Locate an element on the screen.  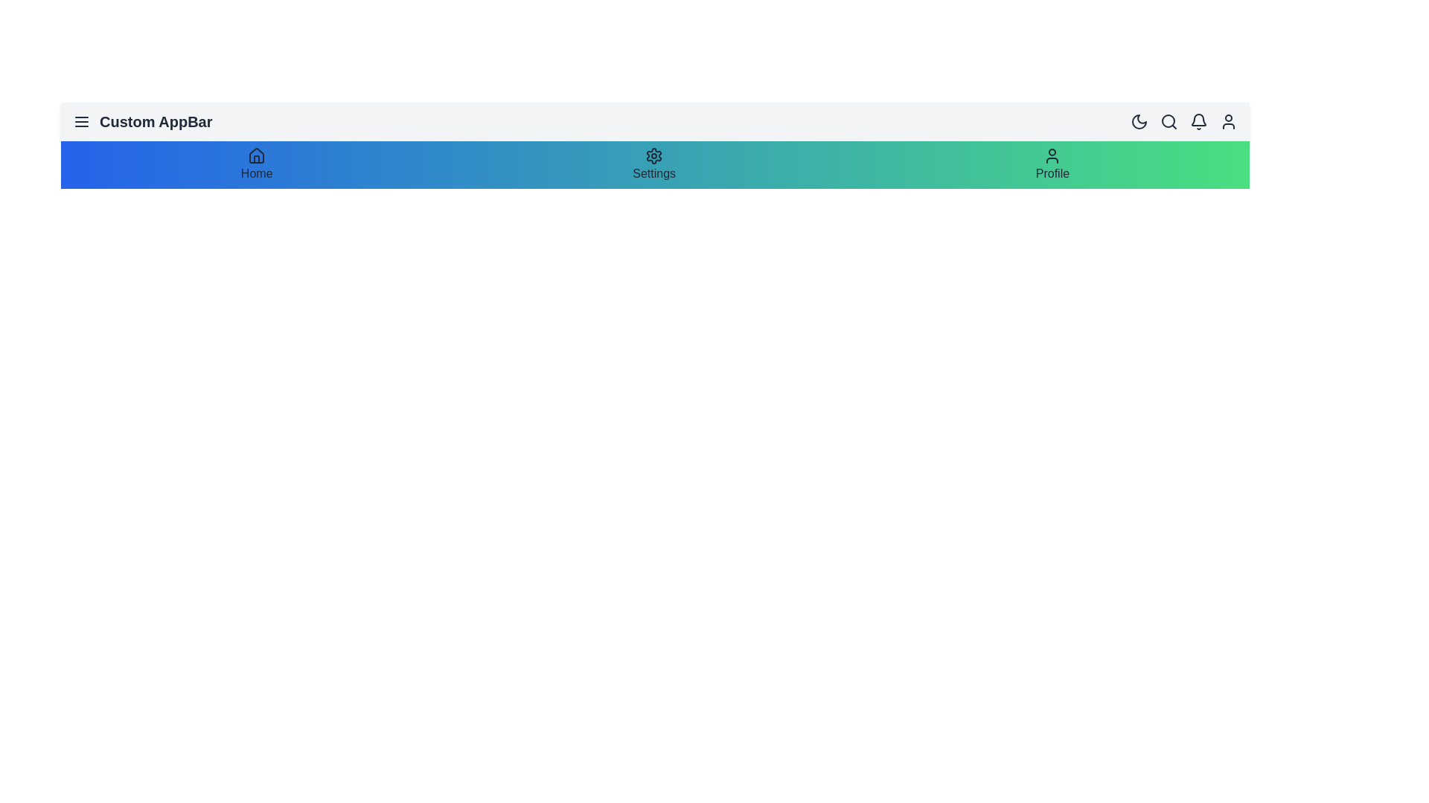
the menu toggle button to toggle the navigation menu visibility is located at coordinates (81, 121).